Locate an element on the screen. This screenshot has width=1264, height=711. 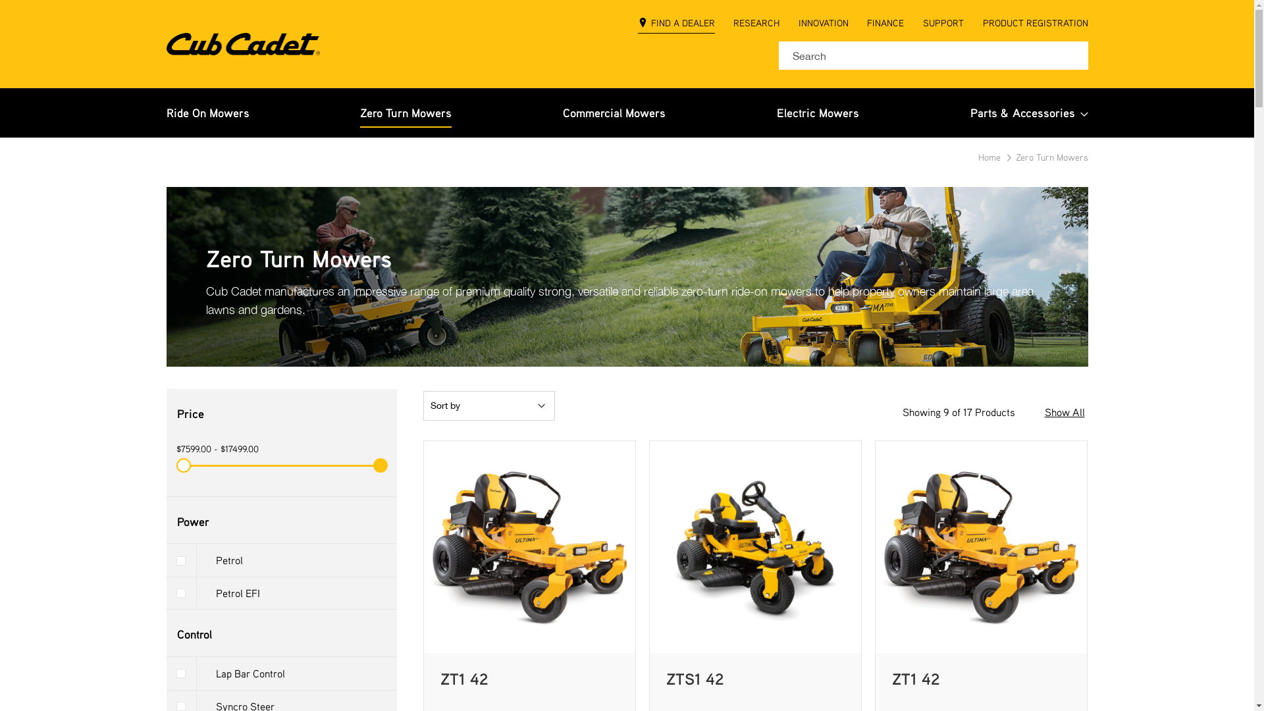
'Electric Mowers' is located at coordinates (777, 112).